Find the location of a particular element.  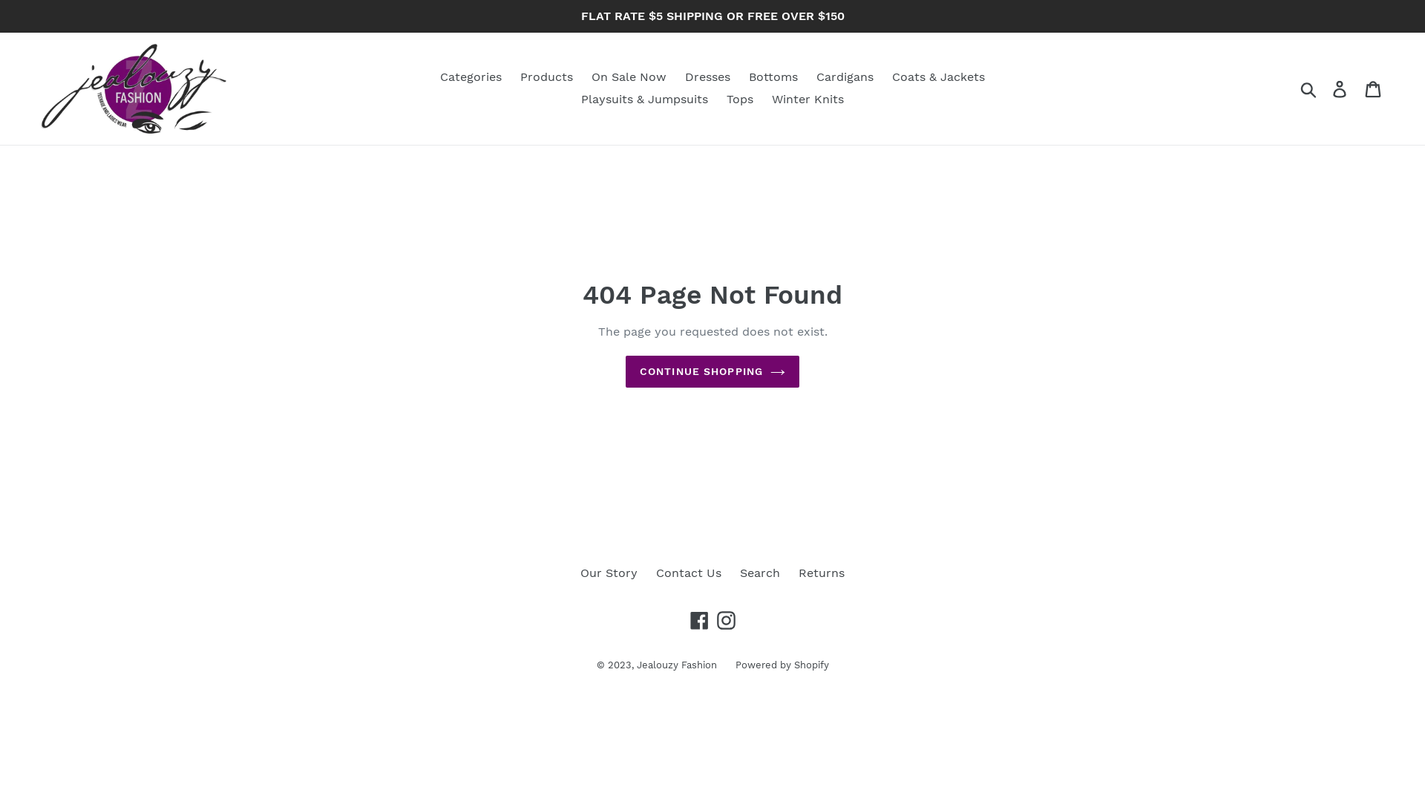

'Cardigans' is located at coordinates (845, 77).